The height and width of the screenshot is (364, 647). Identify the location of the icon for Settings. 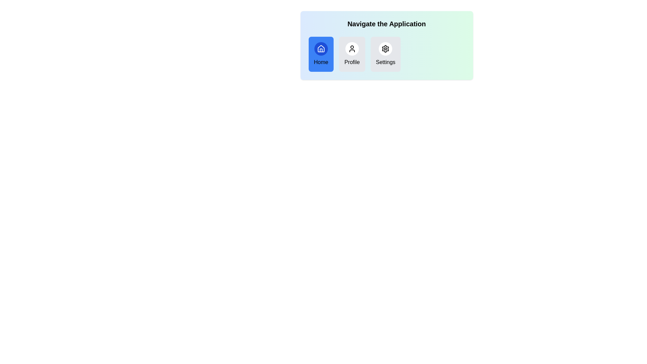
(386, 49).